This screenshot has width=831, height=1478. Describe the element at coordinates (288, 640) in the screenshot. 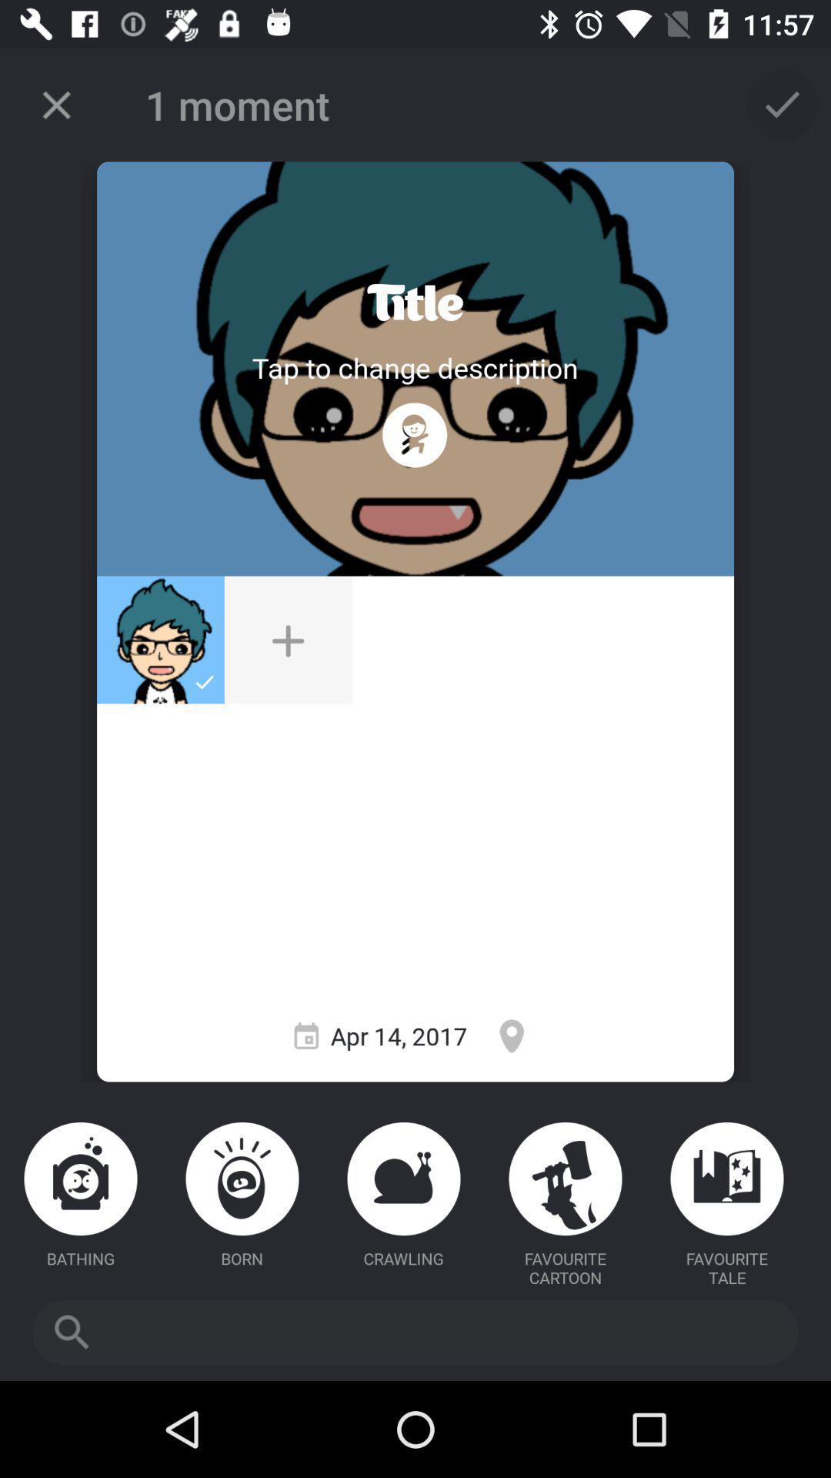

I see `the item above apr 14, 2017 icon` at that location.